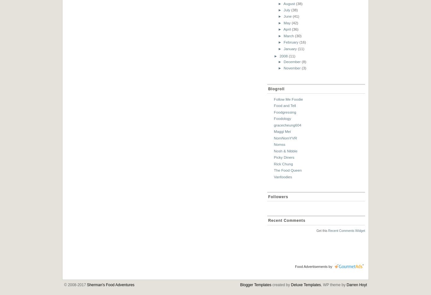 The width and height of the screenshot is (431, 295). What do you see at coordinates (110, 285) in the screenshot?
I see `'Sherman's Food Adventures'` at bounding box center [110, 285].